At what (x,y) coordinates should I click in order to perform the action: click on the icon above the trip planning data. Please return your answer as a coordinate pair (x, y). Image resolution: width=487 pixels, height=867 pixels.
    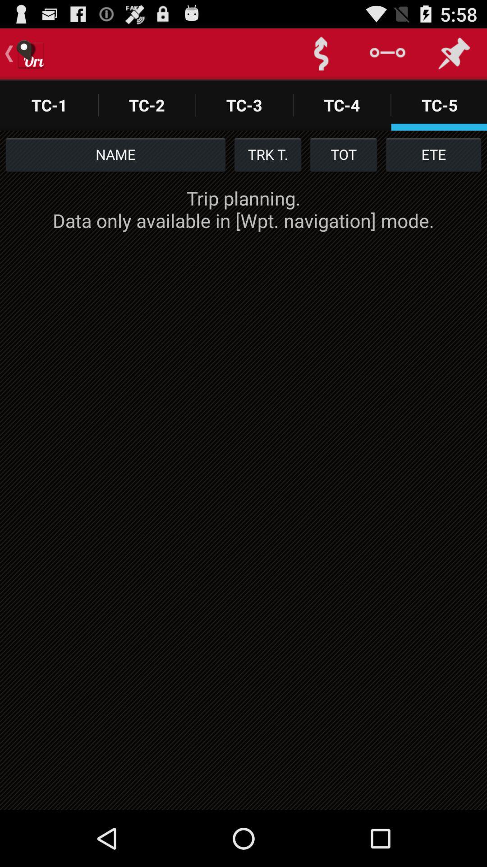
    Looking at the image, I should click on (344, 154).